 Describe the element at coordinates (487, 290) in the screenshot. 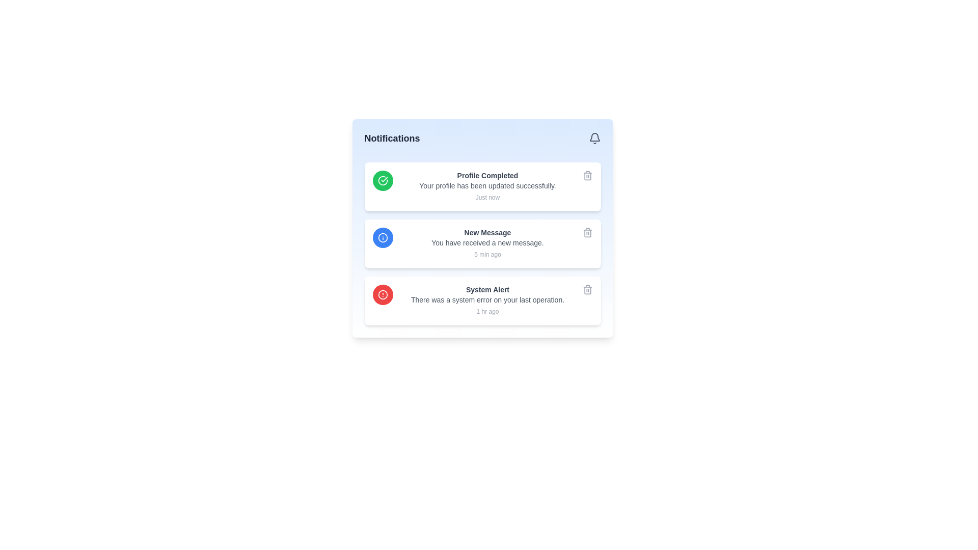

I see `the Text label that serves as the title of a notification message within the bottom portion of a stack of cards in the notification pane` at that location.